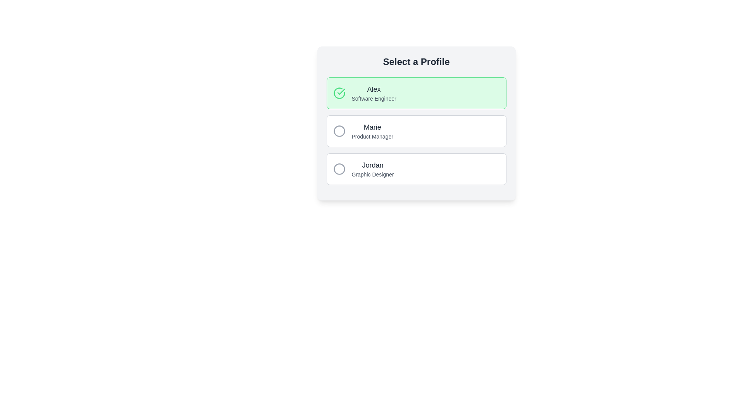 This screenshot has height=418, width=744. Describe the element at coordinates (339, 131) in the screenshot. I see `the circular gray icon located within the profile selection item labeled 'Marie, Product Manager'` at that location.